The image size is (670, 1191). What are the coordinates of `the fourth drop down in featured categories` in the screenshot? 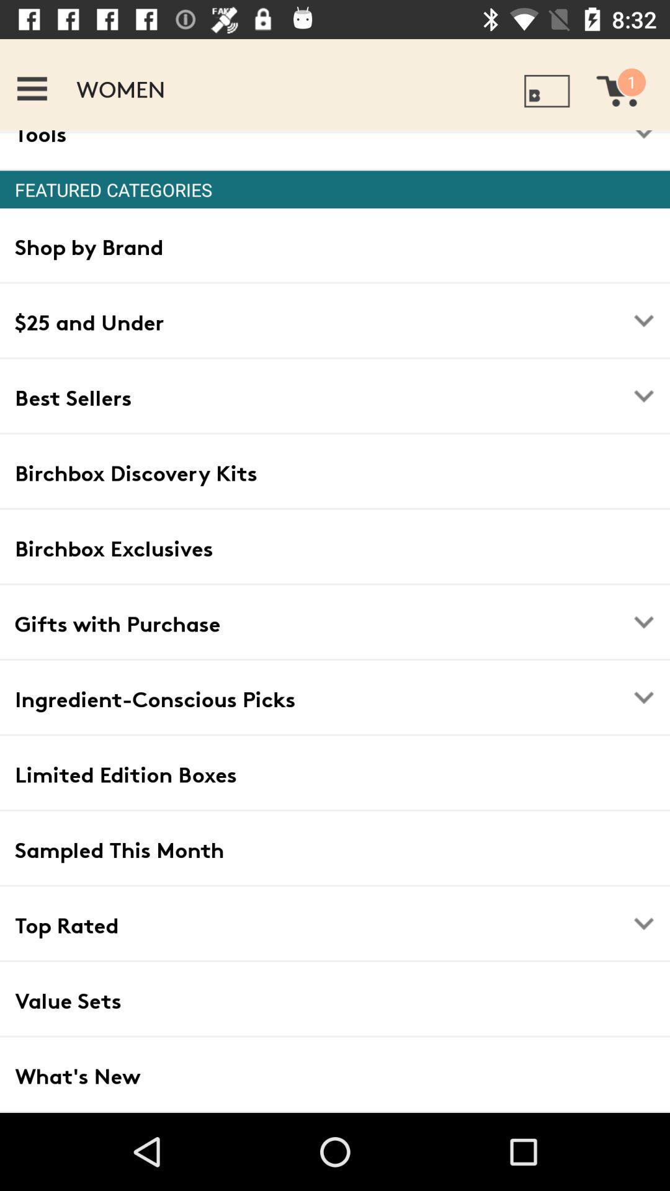 It's located at (643, 697).